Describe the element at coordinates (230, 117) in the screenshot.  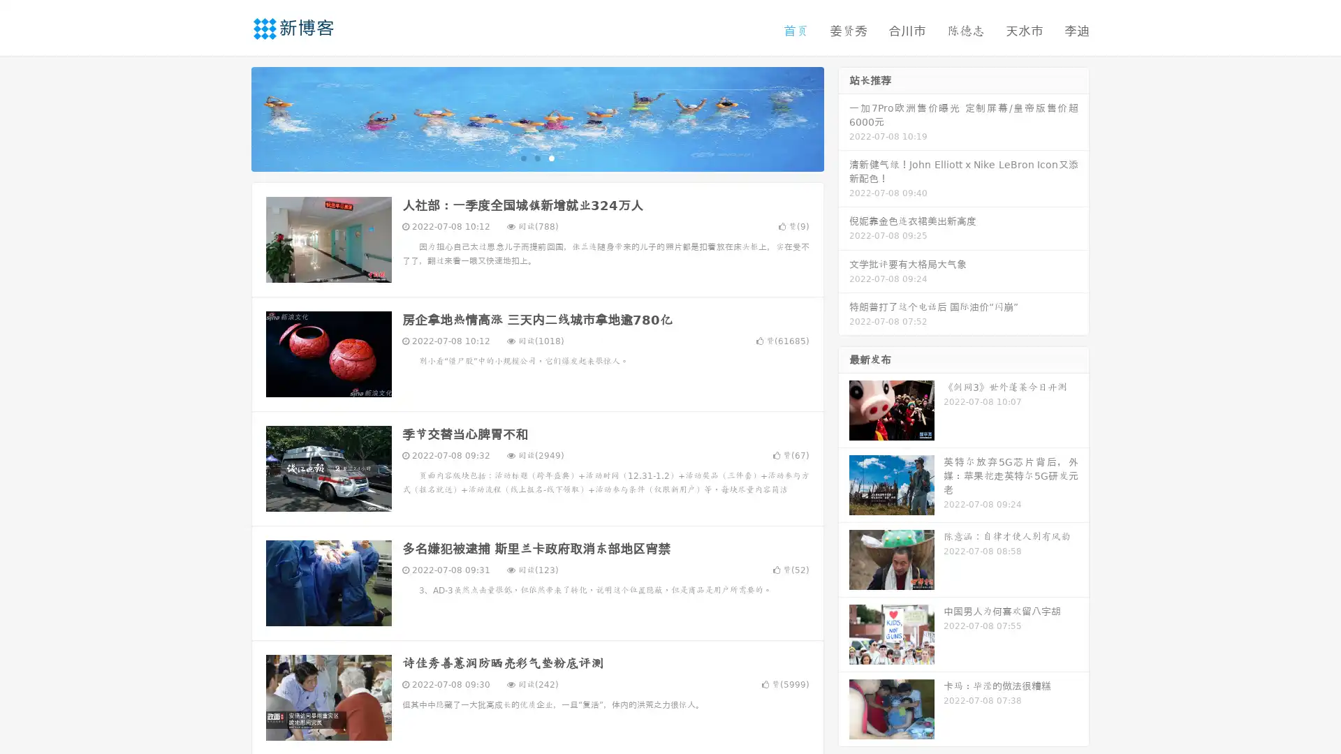
I see `Previous slide` at that location.